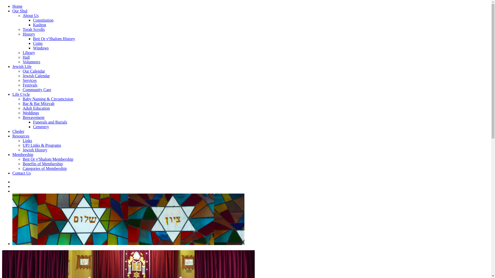  I want to click on 'About Us', so click(30, 15).